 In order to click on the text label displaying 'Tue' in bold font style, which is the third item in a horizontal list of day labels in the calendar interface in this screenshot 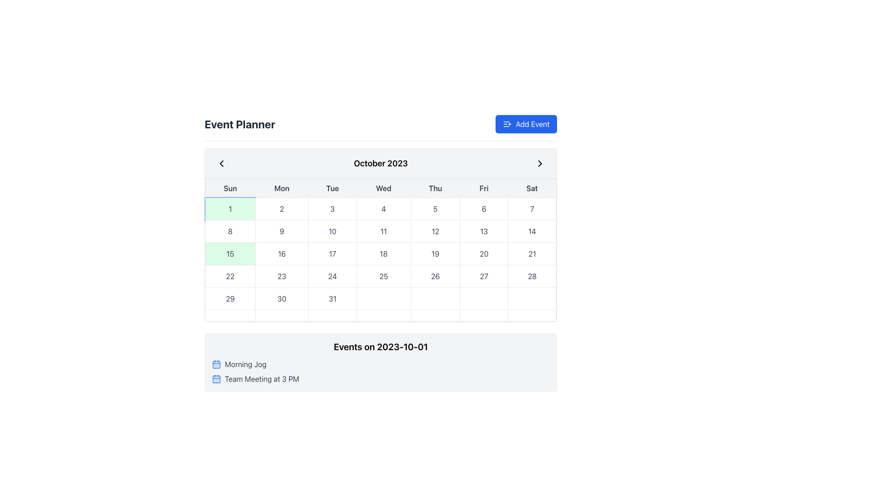, I will do `click(332, 188)`.